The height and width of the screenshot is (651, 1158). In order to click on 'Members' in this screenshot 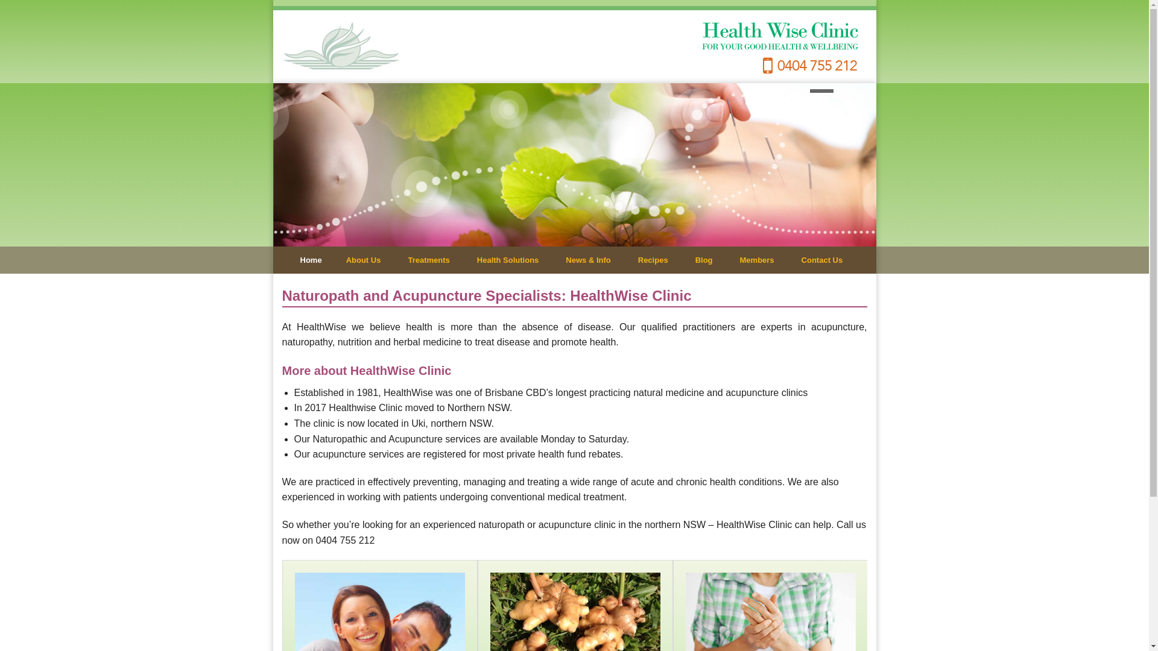, I will do `click(761, 259)`.